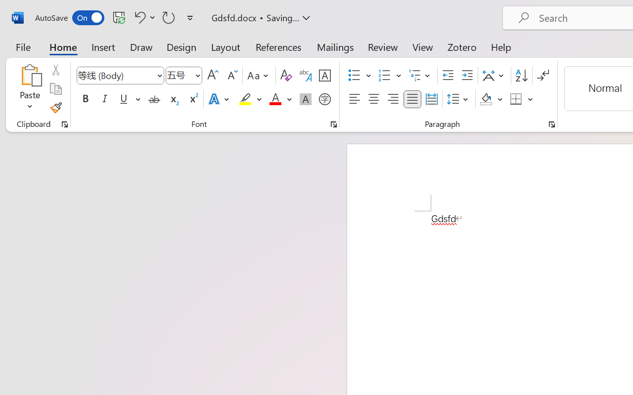  I want to click on 'Office Clipboard...', so click(64, 124).